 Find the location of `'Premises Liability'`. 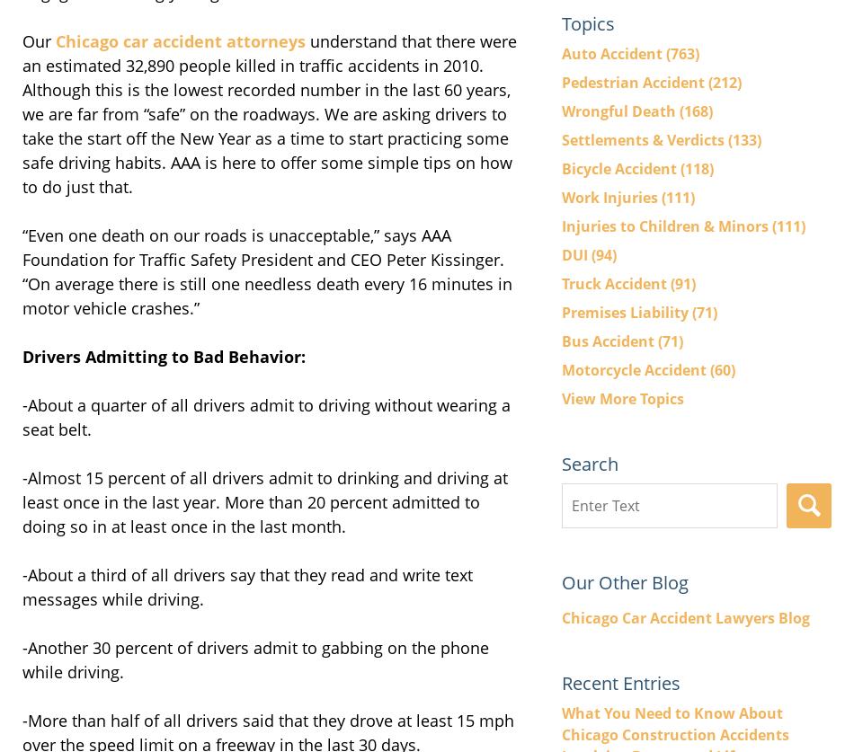

'Premises Liability' is located at coordinates (627, 312).